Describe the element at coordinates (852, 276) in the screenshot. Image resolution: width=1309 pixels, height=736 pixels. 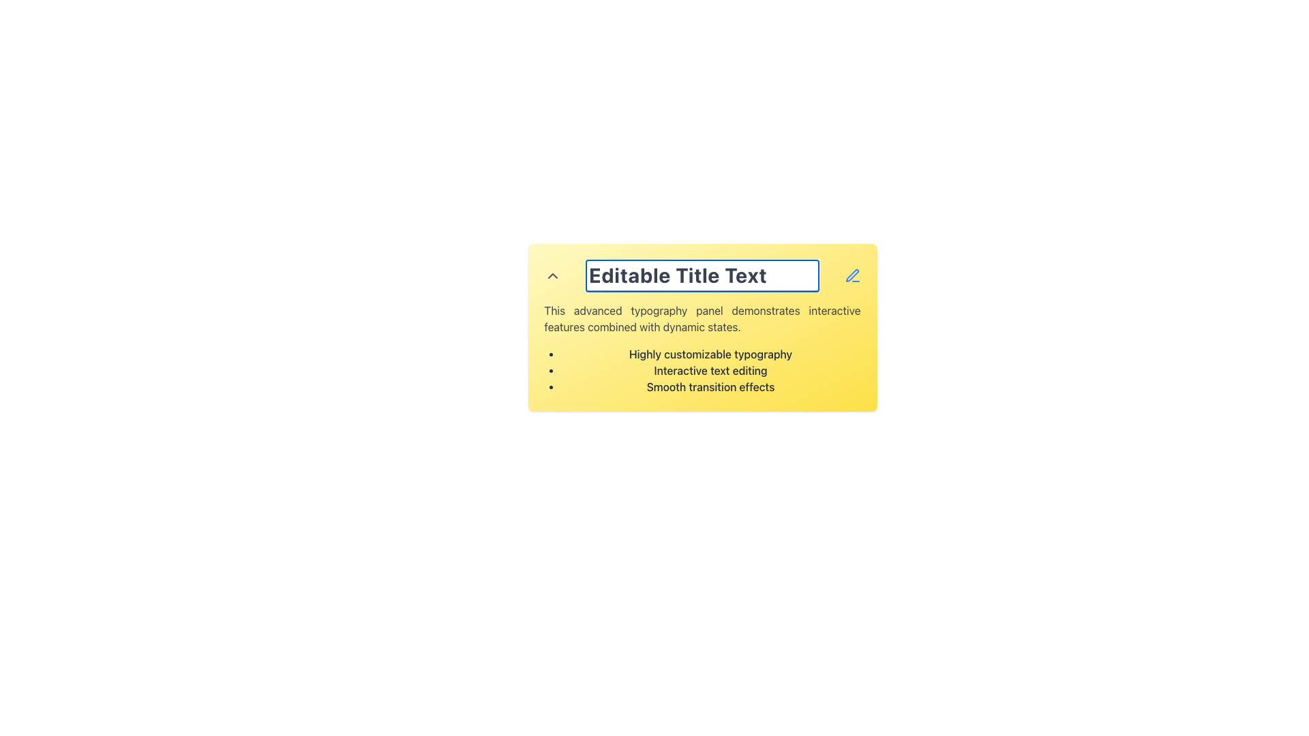
I see `the edit icon button located at the top-right corner of the yellow box to initiate the editing mode for the associated title text` at that location.